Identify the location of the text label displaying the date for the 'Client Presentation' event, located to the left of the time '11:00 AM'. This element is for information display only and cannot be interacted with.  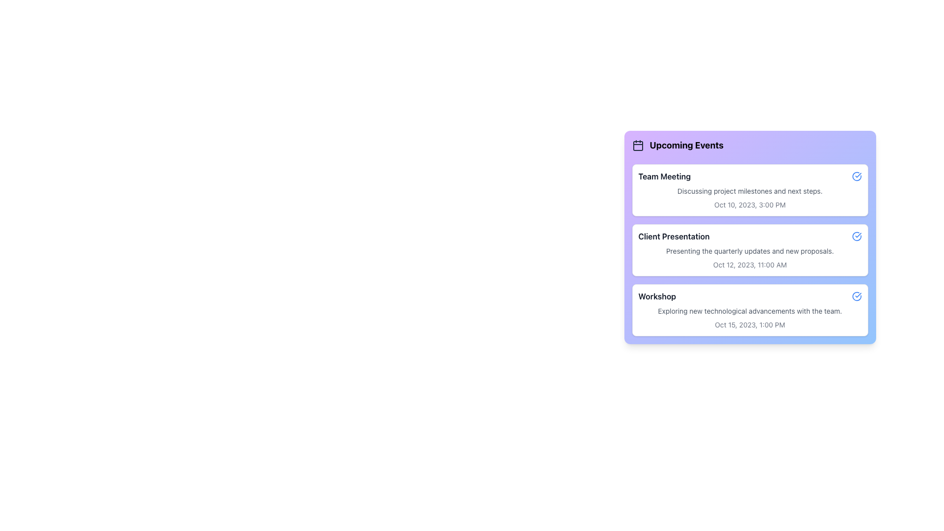
(734, 264).